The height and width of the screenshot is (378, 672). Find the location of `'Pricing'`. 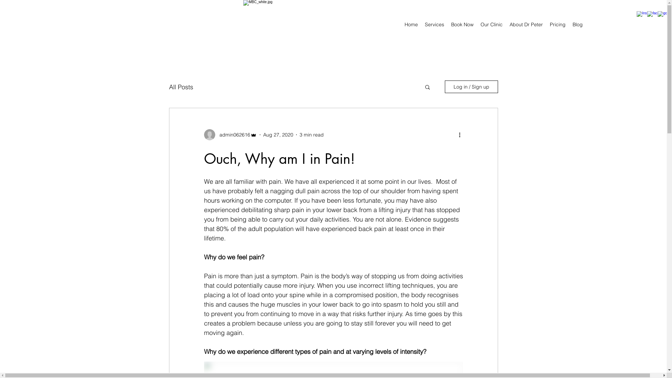

'Pricing' is located at coordinates (557, 24).